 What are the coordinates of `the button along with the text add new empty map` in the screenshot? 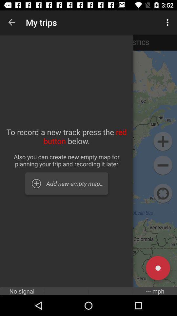 It's located at (66, 184).